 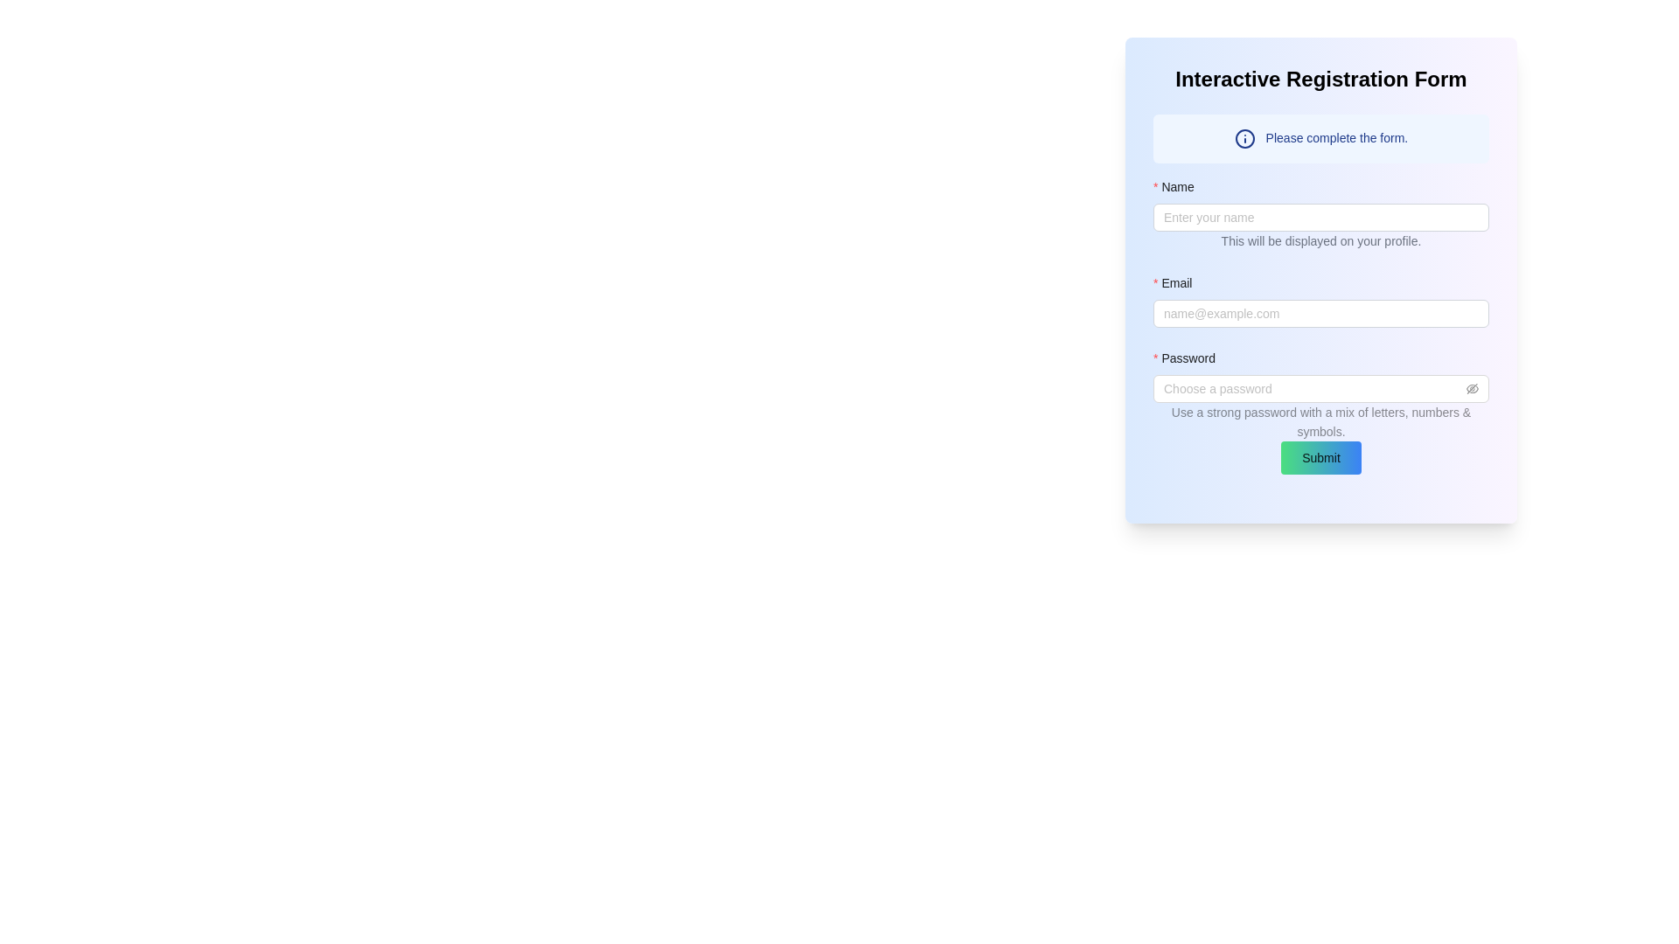 What do you see at coordinates (1244, 138) in the screenshot?
I see `the circular icon component with a blue outer stroke and white fill, located to the left of the 'Please complete the form.' text in the registration form header` at bounding box center [1244, 138].